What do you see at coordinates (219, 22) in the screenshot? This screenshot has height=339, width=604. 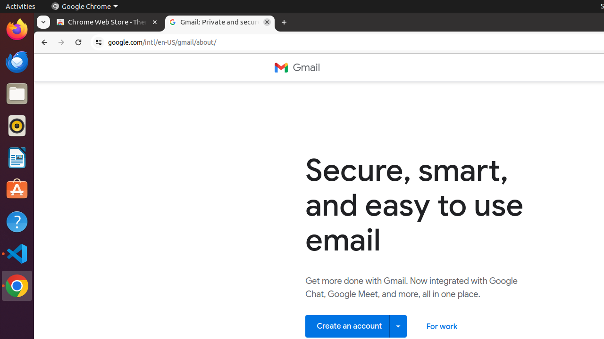 I see `'Gmail: Private and secure email at no cost | Google Workspace - Memory usage - 111 MB'` at bounding box center [219, 22].